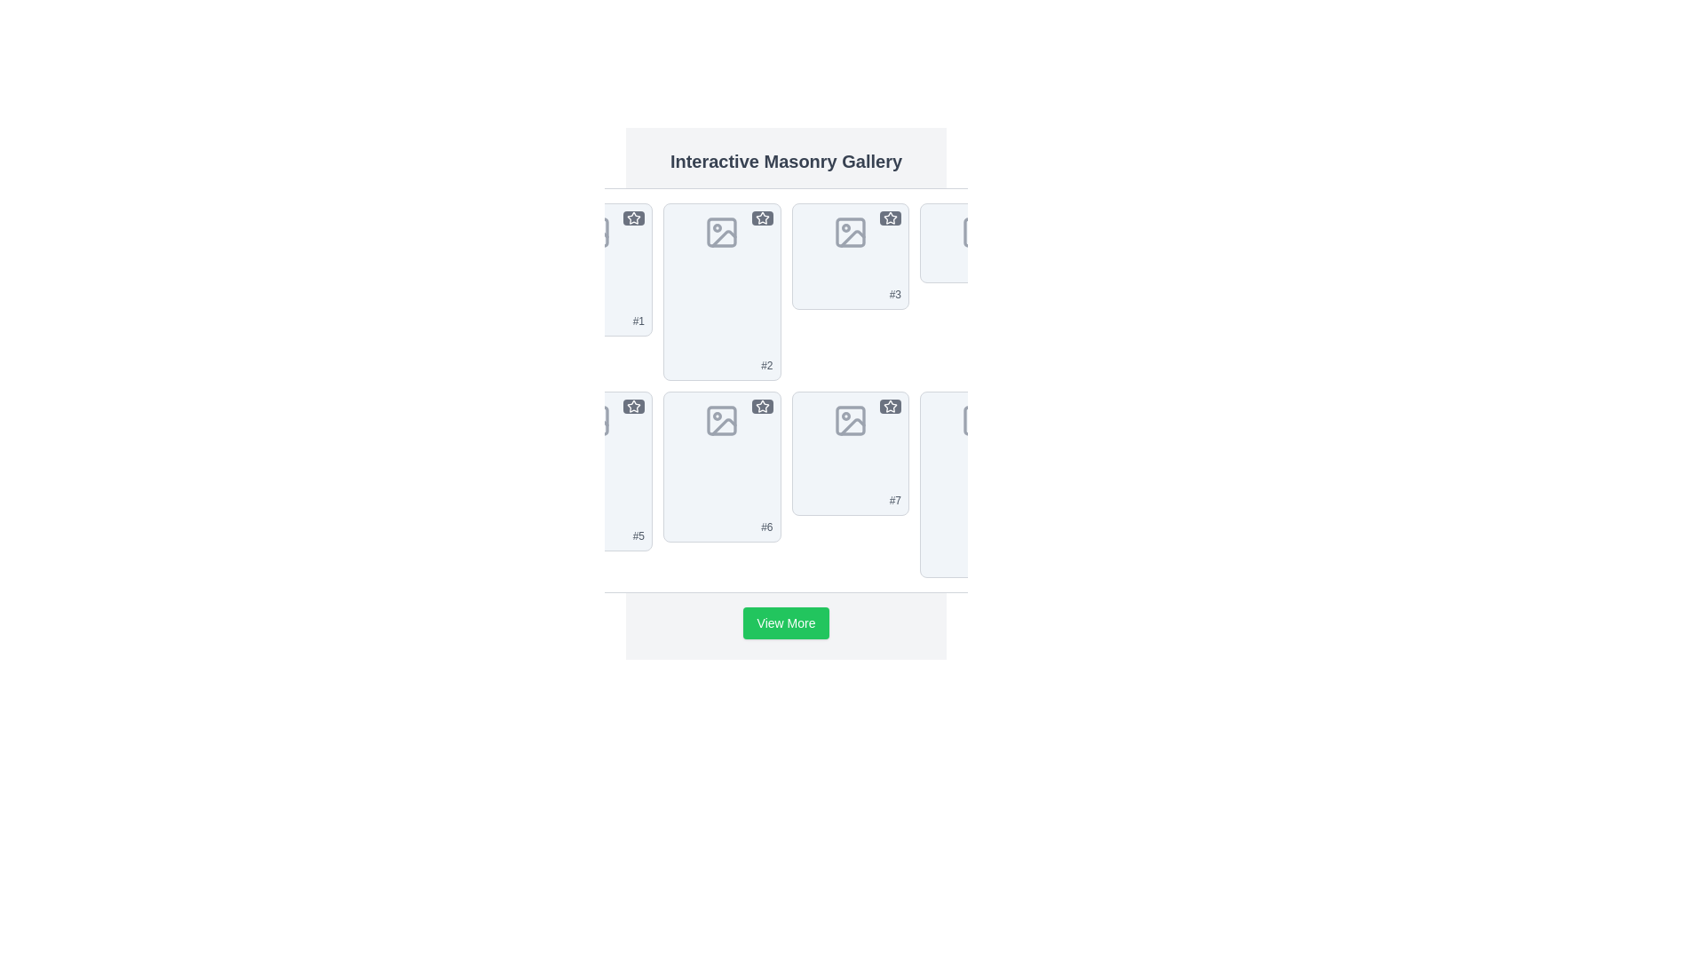 This screenshot has width=1705, height=959. Describe the element at coordinates (785, 622) in the screenshot. I see `the button located at the bottom middle region of the content section to change its appearance` at that location.